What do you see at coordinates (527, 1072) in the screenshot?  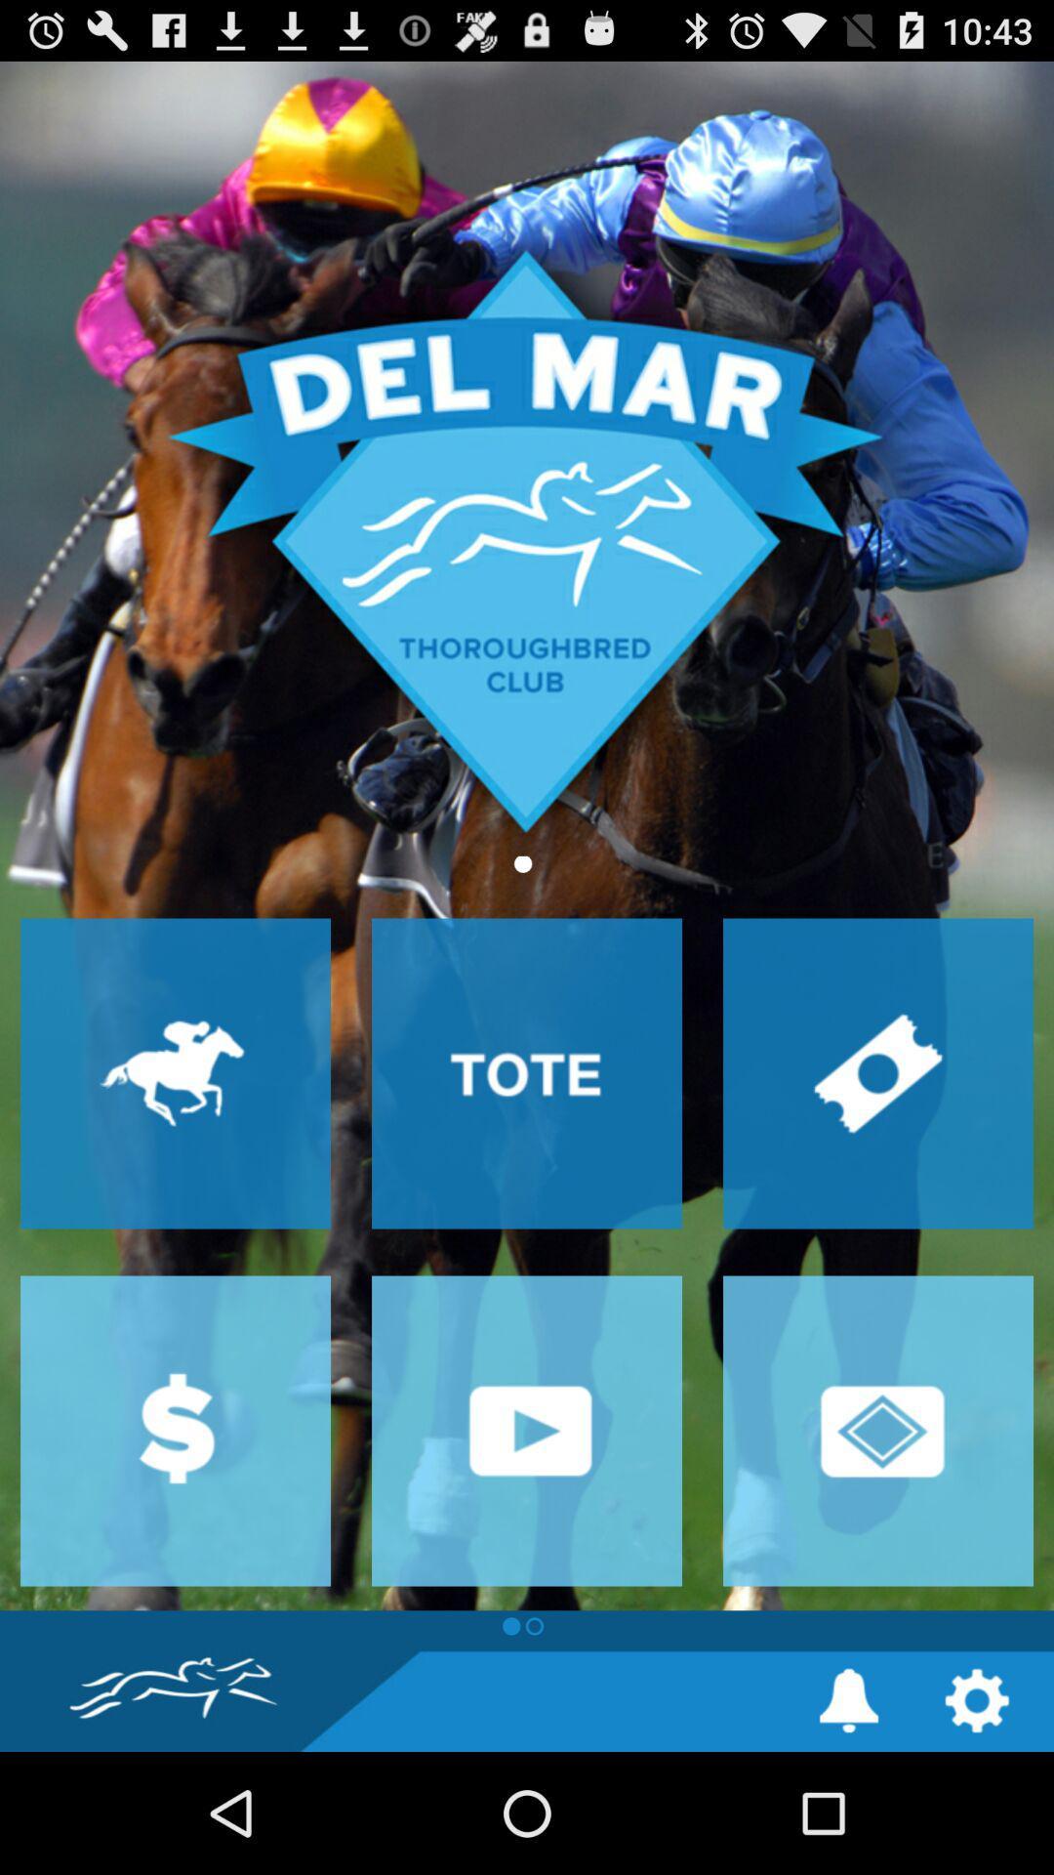 I see `open tote interface` at bounding box center [527, 1072].